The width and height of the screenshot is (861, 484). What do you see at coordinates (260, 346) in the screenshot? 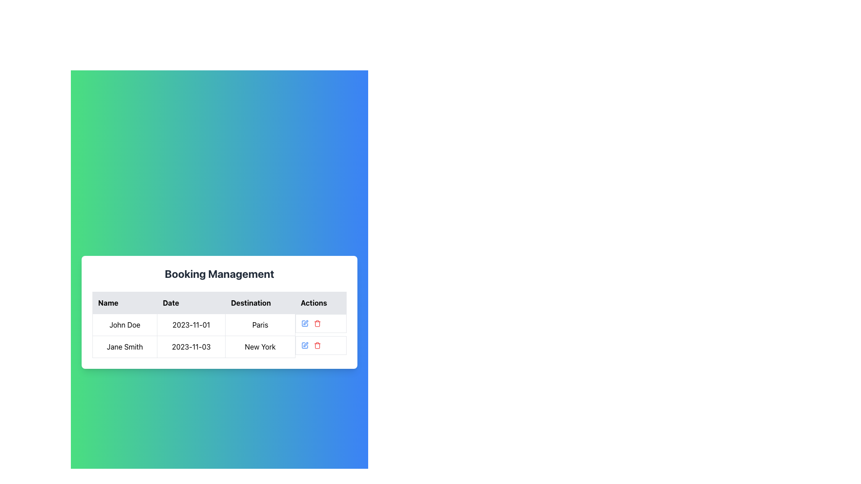
I see `the text display indicating the destination associated with the user entry for 'Jane Smith' in the table` at bounding box center [260, 346].